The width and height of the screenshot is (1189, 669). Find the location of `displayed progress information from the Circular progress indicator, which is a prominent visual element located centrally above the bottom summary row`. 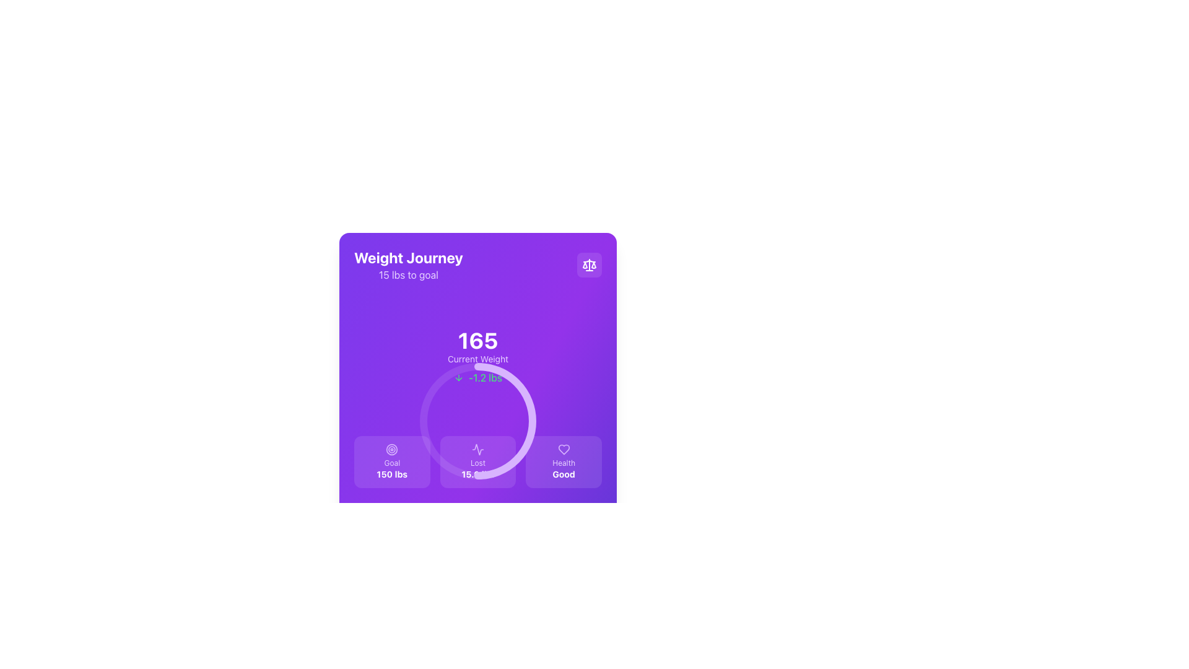

displayed progress information from the Circular progress indicator, which is a prominent visual element located centrally above the bottom summary row is located at coordinates (477, 356).